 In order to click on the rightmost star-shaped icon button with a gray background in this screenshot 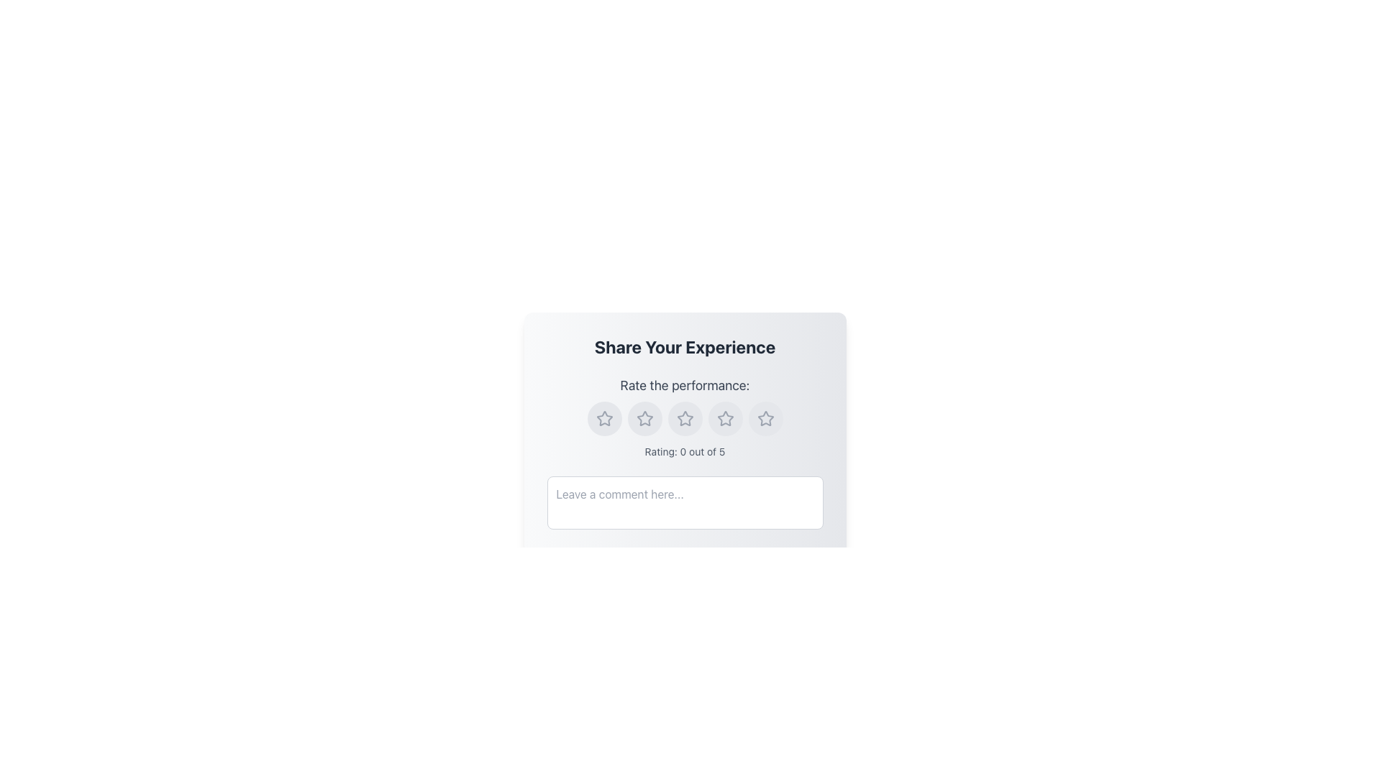, I will do `click(765, 418)`.